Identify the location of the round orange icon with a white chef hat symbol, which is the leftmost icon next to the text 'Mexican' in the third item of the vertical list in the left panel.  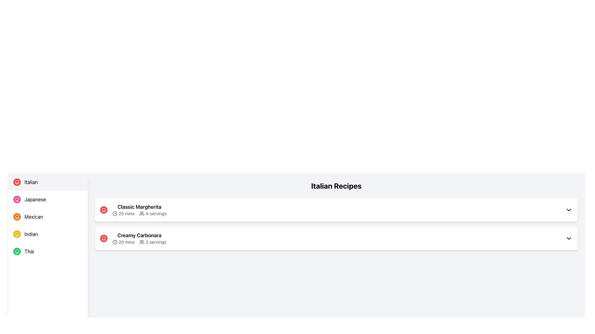
(17, 216).